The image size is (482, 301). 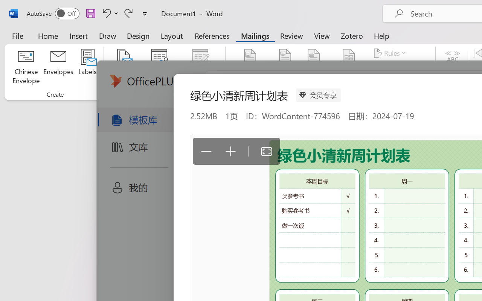 What do you see at coordinates (109, 13) in the screenshot?
I see `'Undo Apply Quick Style Set'` at bounding box center [109, 13].